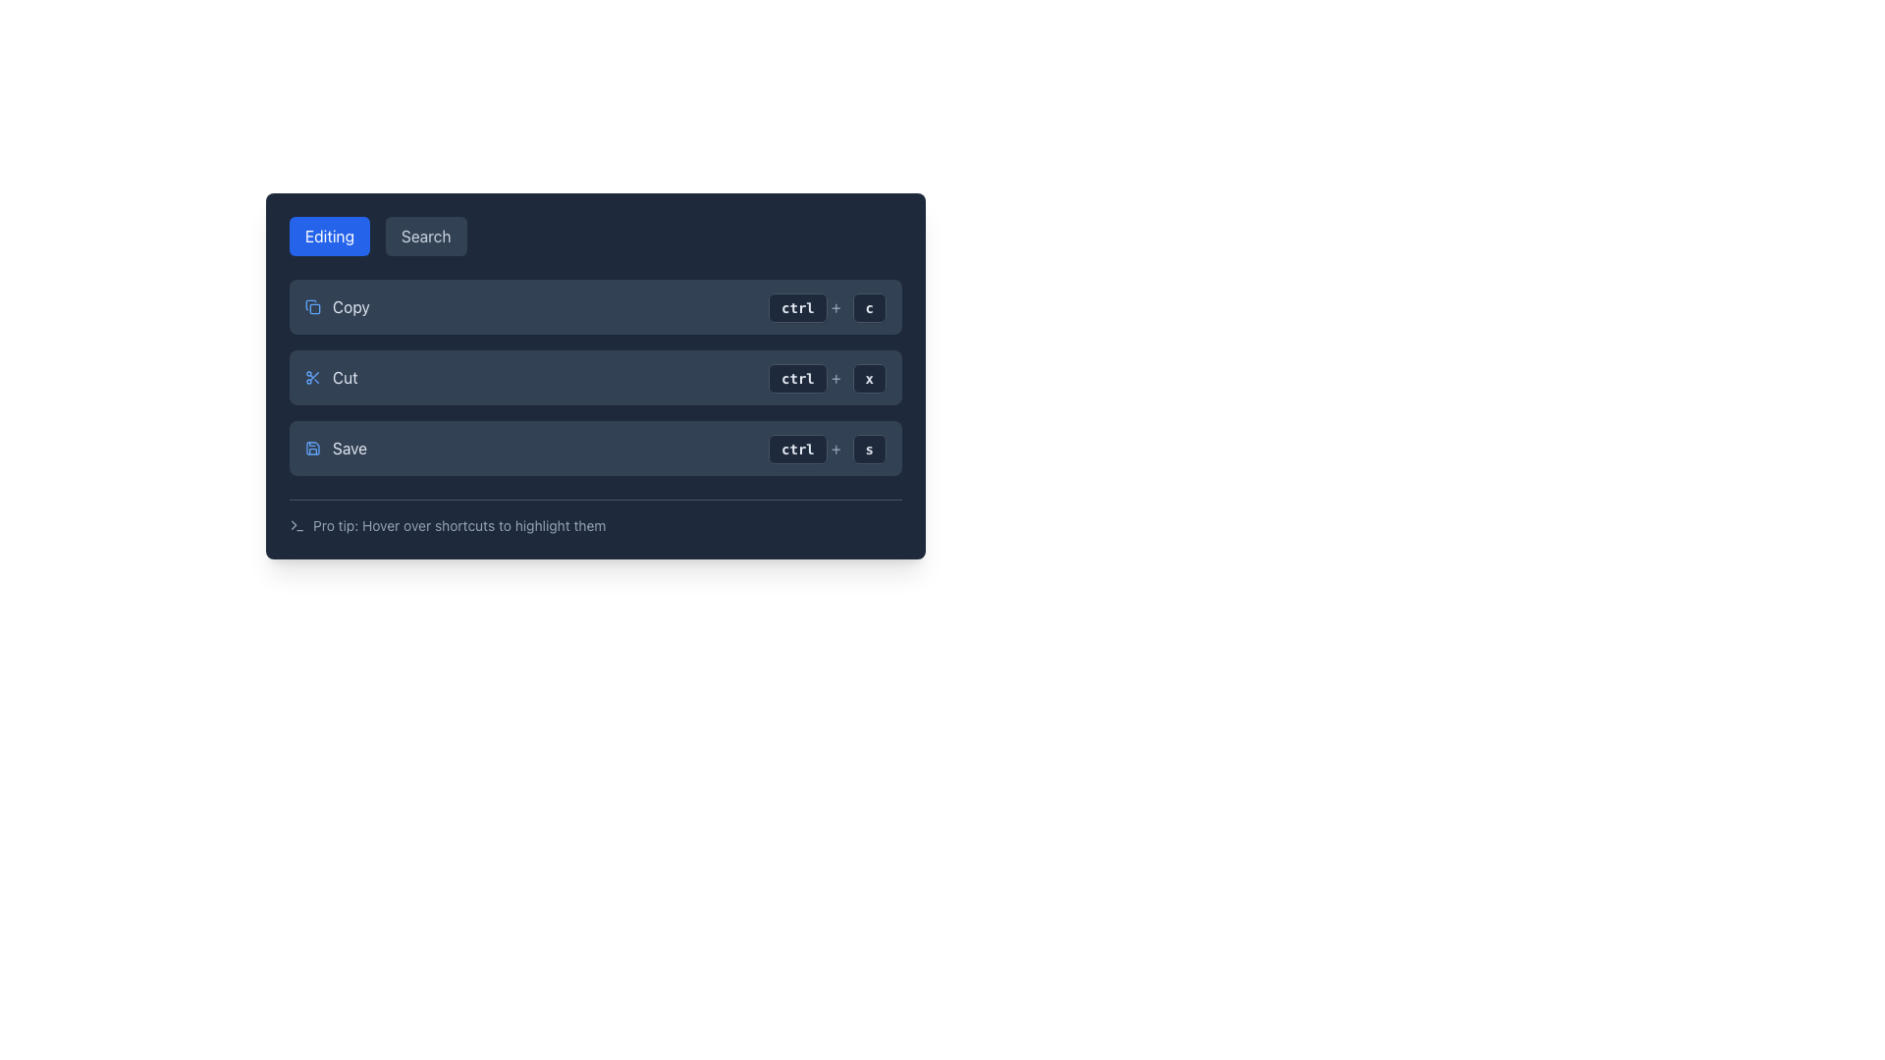 The height and width of the screenshot is (1060, 1885). I want to click on the button-like element displaying 'ctrl' with a dark gray background and rounded corners, which is the leftmost component of the shortcut combination 'ctrl + c', so click(797, 307).